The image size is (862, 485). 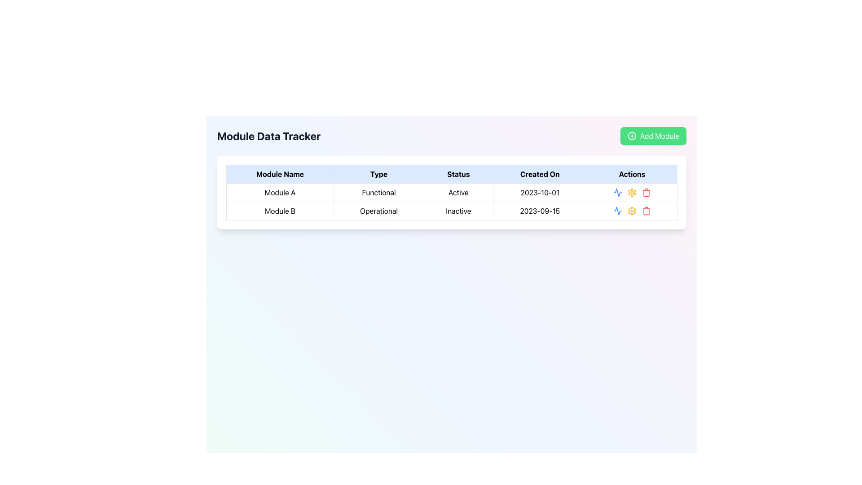 I want to click on the informational label indicating the operational status of 'Module B' located in the second row under the 'Type' column of the table, so click(x=379, y=211).